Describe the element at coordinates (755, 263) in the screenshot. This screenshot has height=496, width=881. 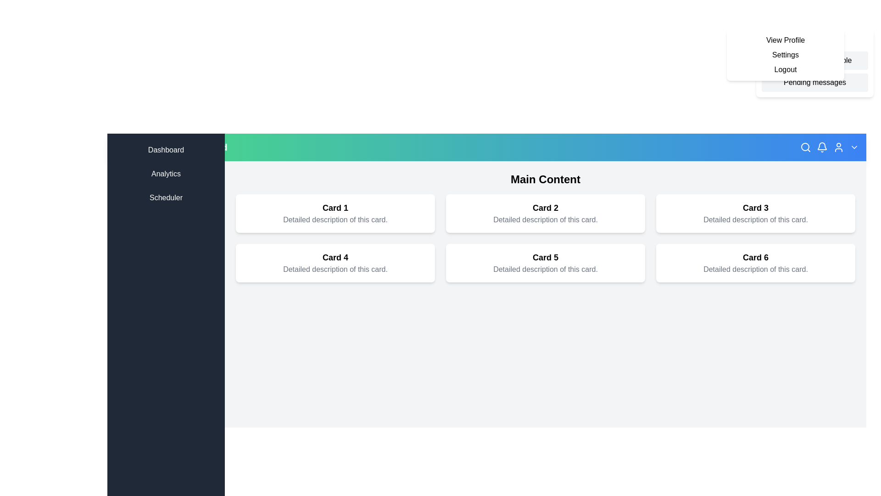
I see `the last card in the grid layout, which displays content with a title and description, located in the second row and third column` at that location.